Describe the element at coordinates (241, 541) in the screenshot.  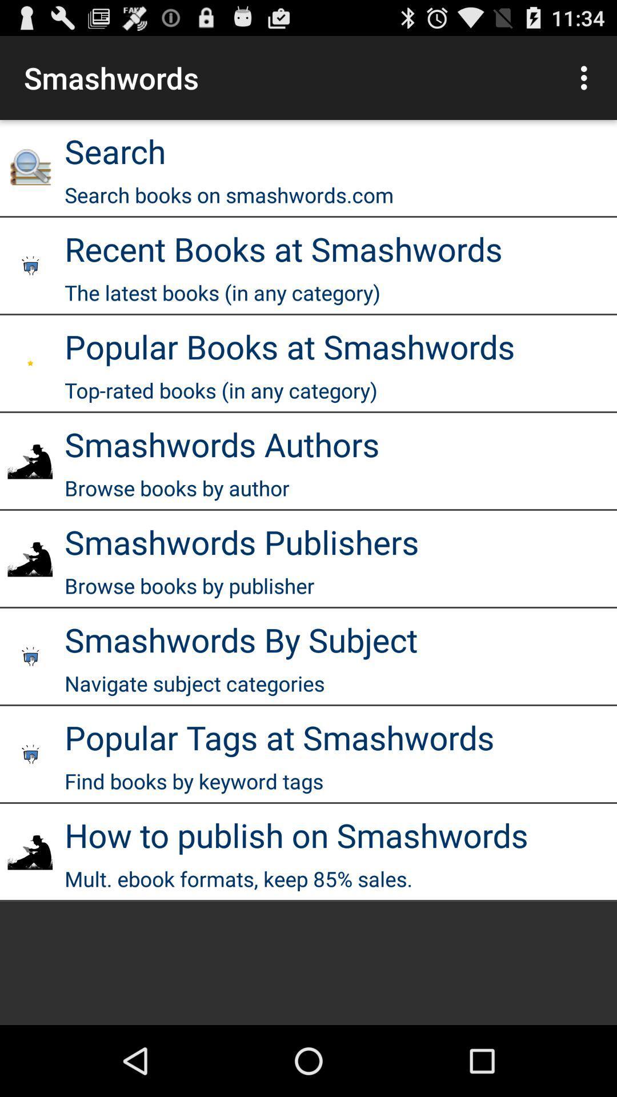
I see `the smashwords publishers icon` at that location.